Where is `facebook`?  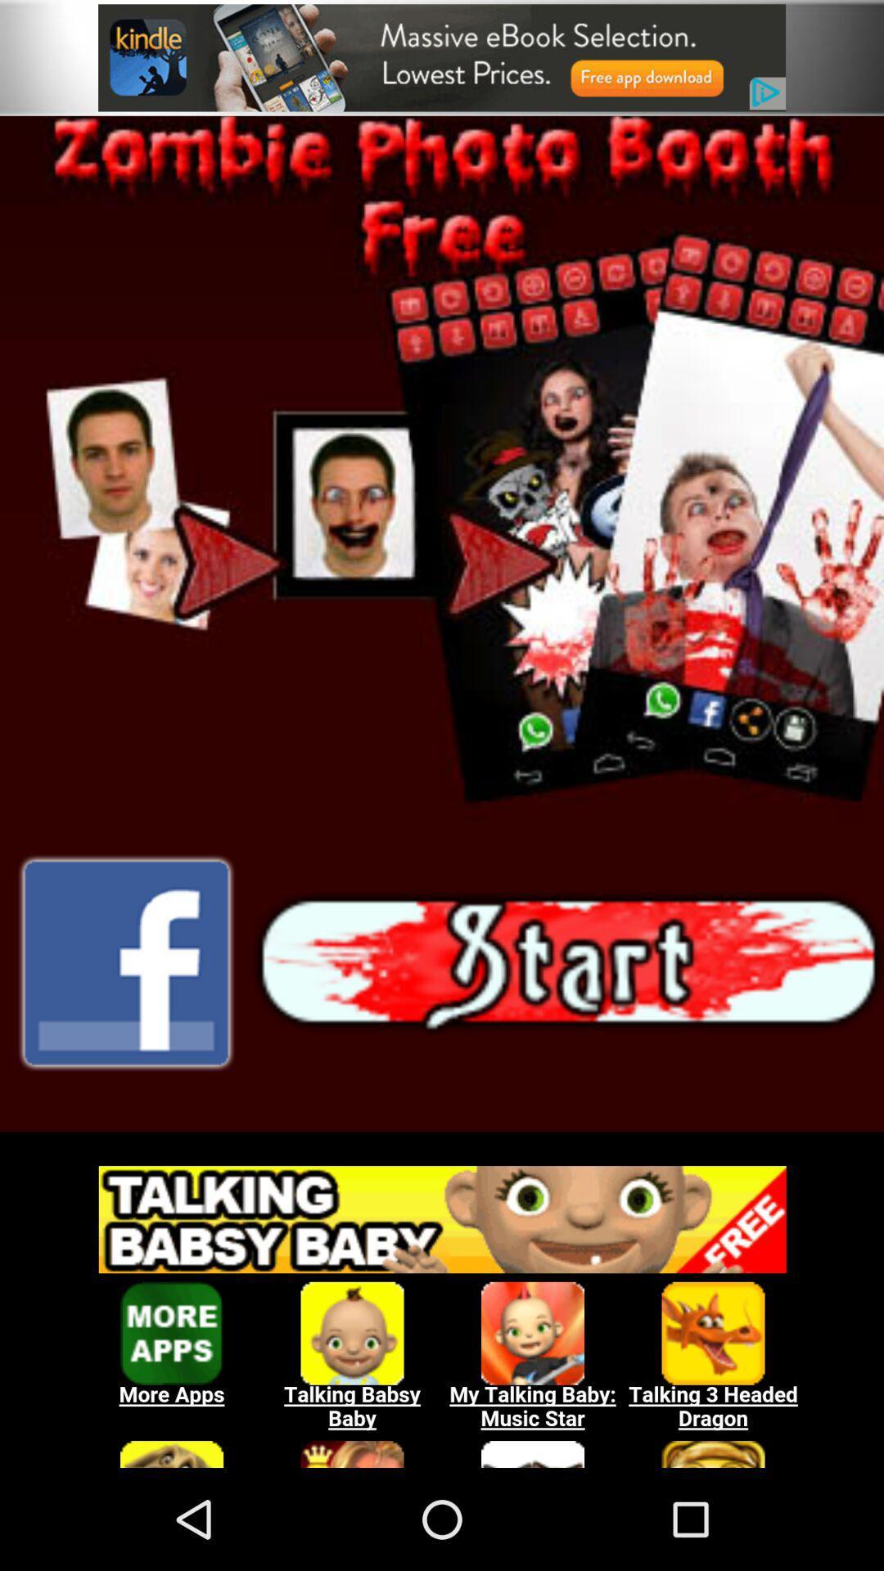 facebook is located at coordinates (125, 963).